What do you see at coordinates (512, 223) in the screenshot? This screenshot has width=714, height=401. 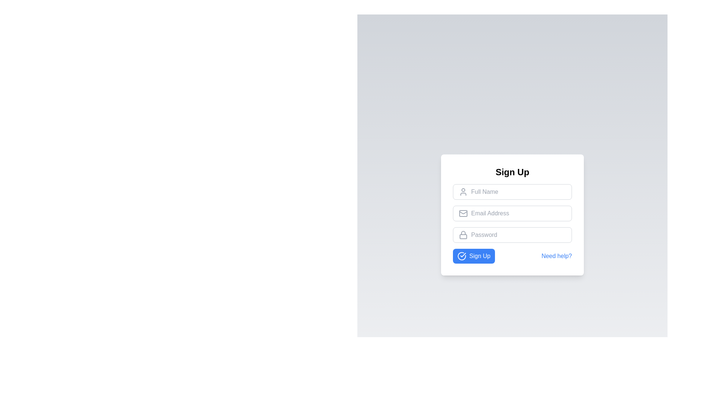 I see `the form input group located within the white rectangular card below the 'Sign Up' heading to focus on the individual fields for user input` at bounding box center [512, 223].